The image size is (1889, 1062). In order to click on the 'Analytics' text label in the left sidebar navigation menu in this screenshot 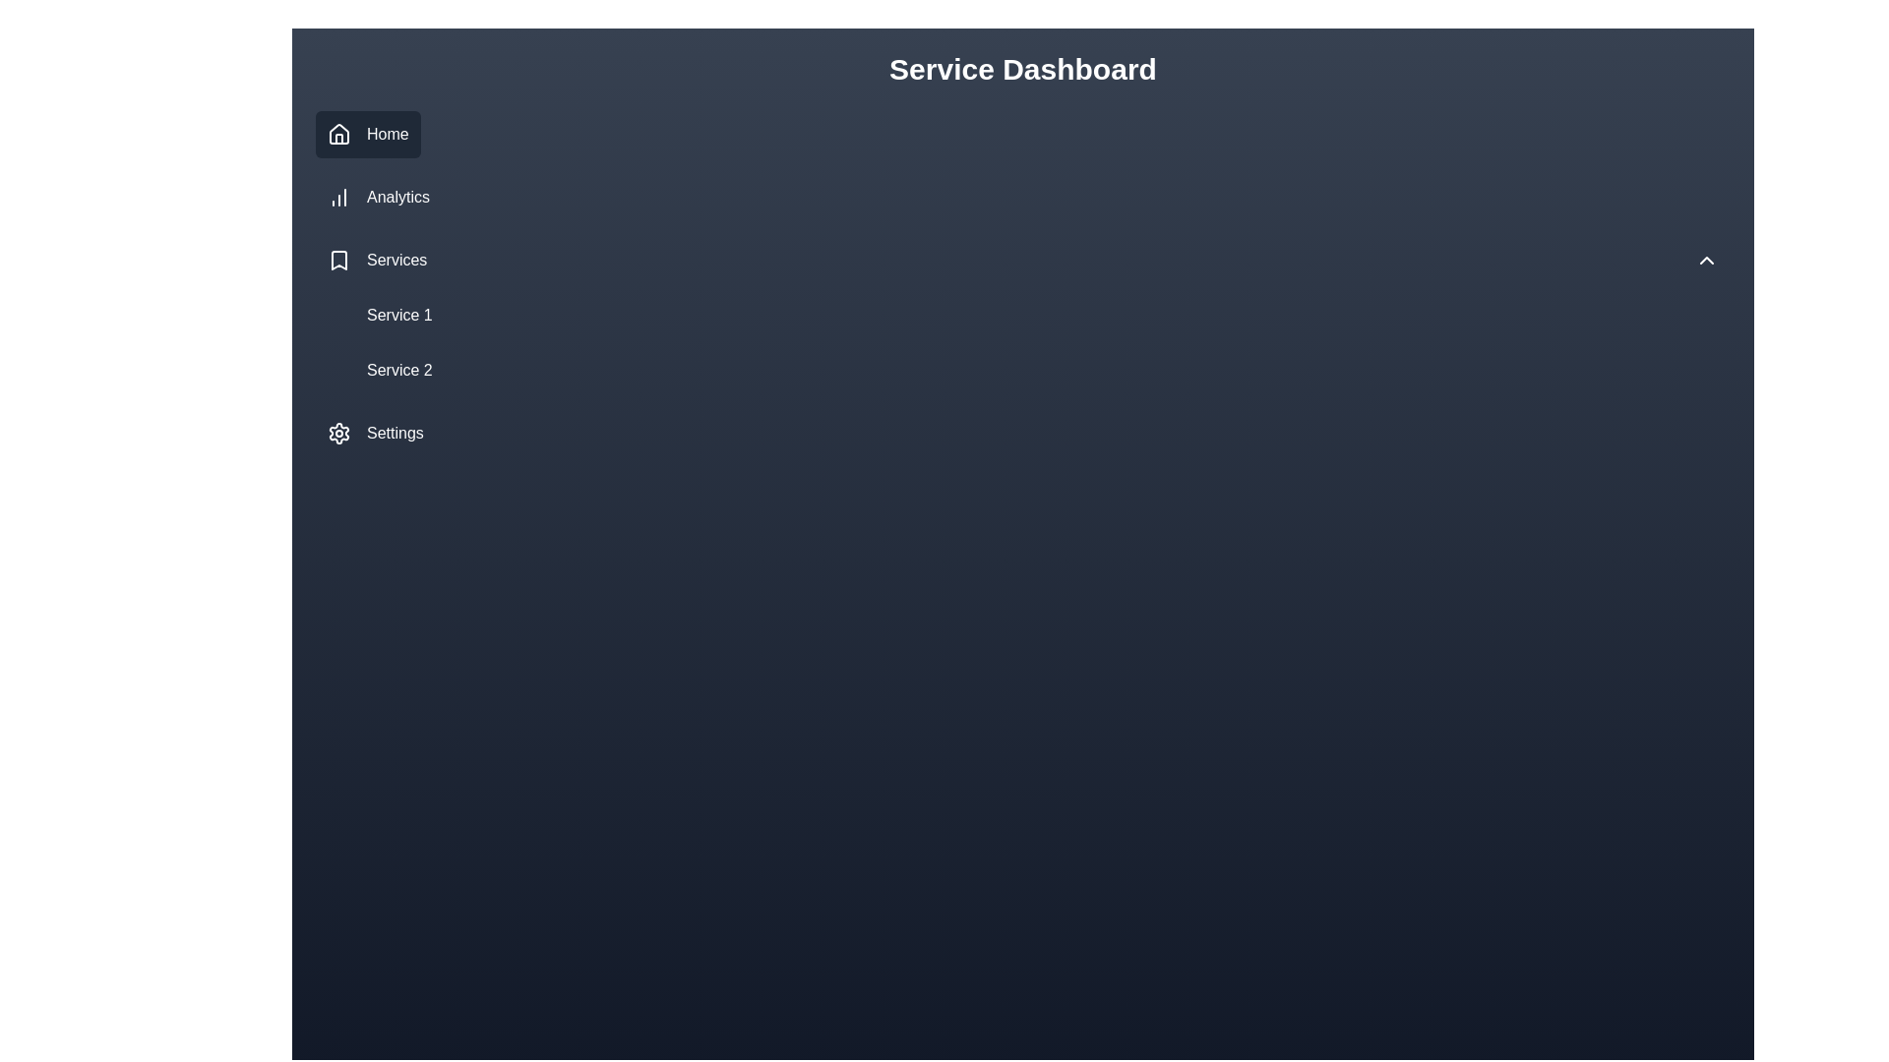, I will do `click(396, 197)`.